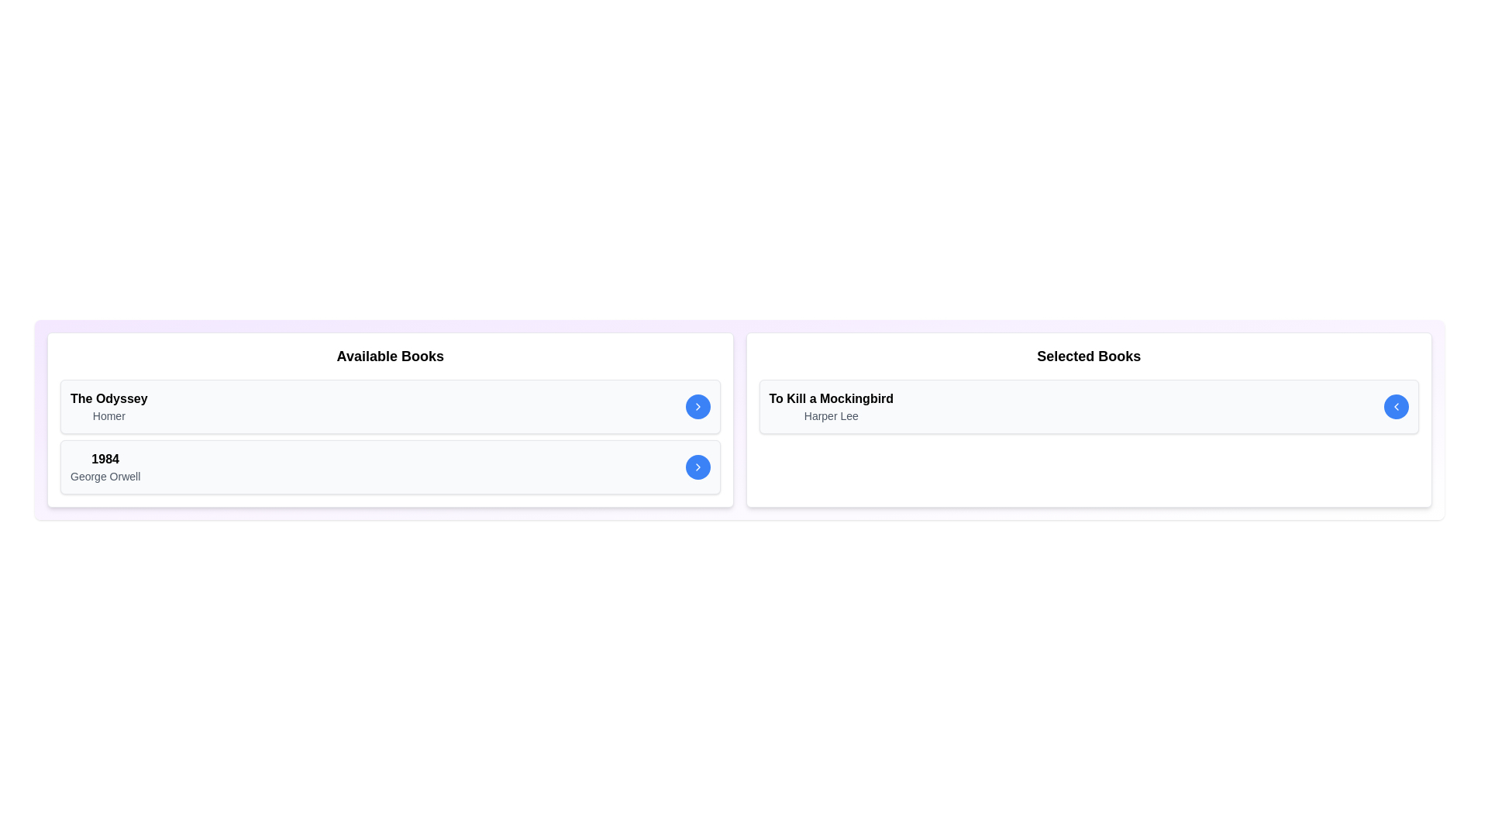 Image resolution: width=1488 pixels, height=837 pixels. What do you see at coordinates (697, 466) in the screenshot?
I see `arrow button for the book titled '1984' to transfer it to the other list` at bounding box center [697, 466].